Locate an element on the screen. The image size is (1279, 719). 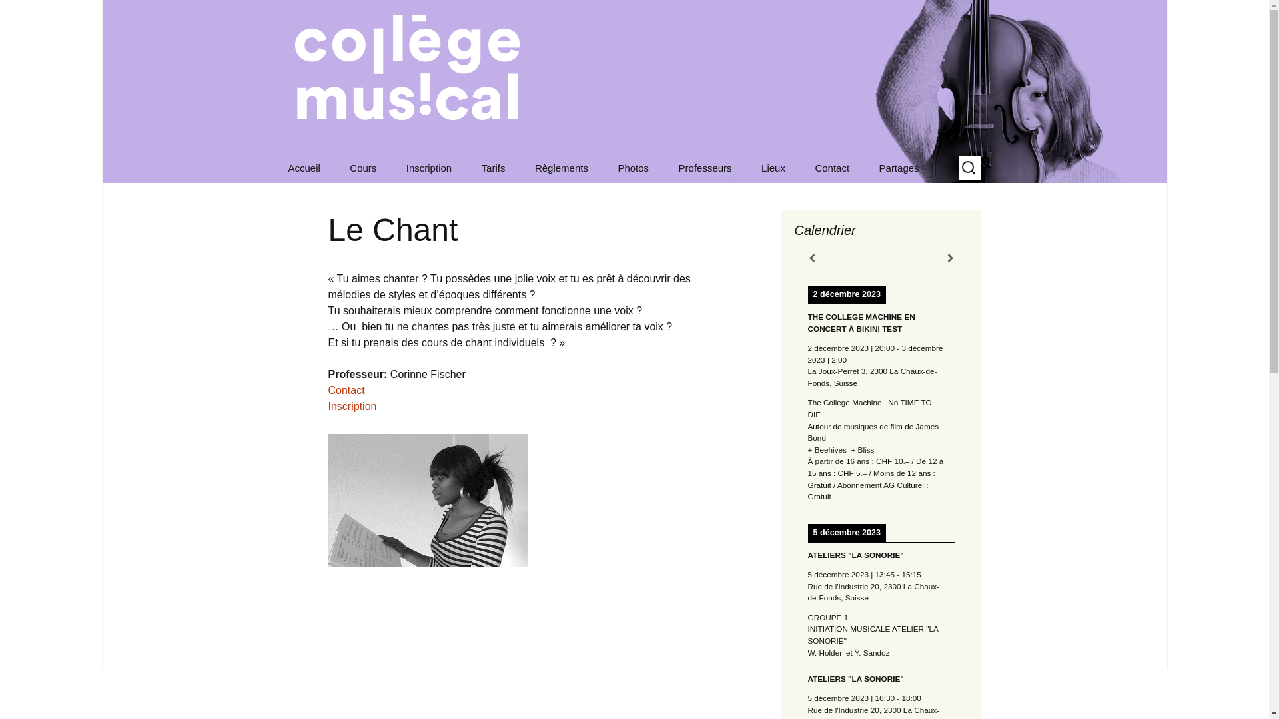
'Suiv.' is located at coordinates (949, 258).